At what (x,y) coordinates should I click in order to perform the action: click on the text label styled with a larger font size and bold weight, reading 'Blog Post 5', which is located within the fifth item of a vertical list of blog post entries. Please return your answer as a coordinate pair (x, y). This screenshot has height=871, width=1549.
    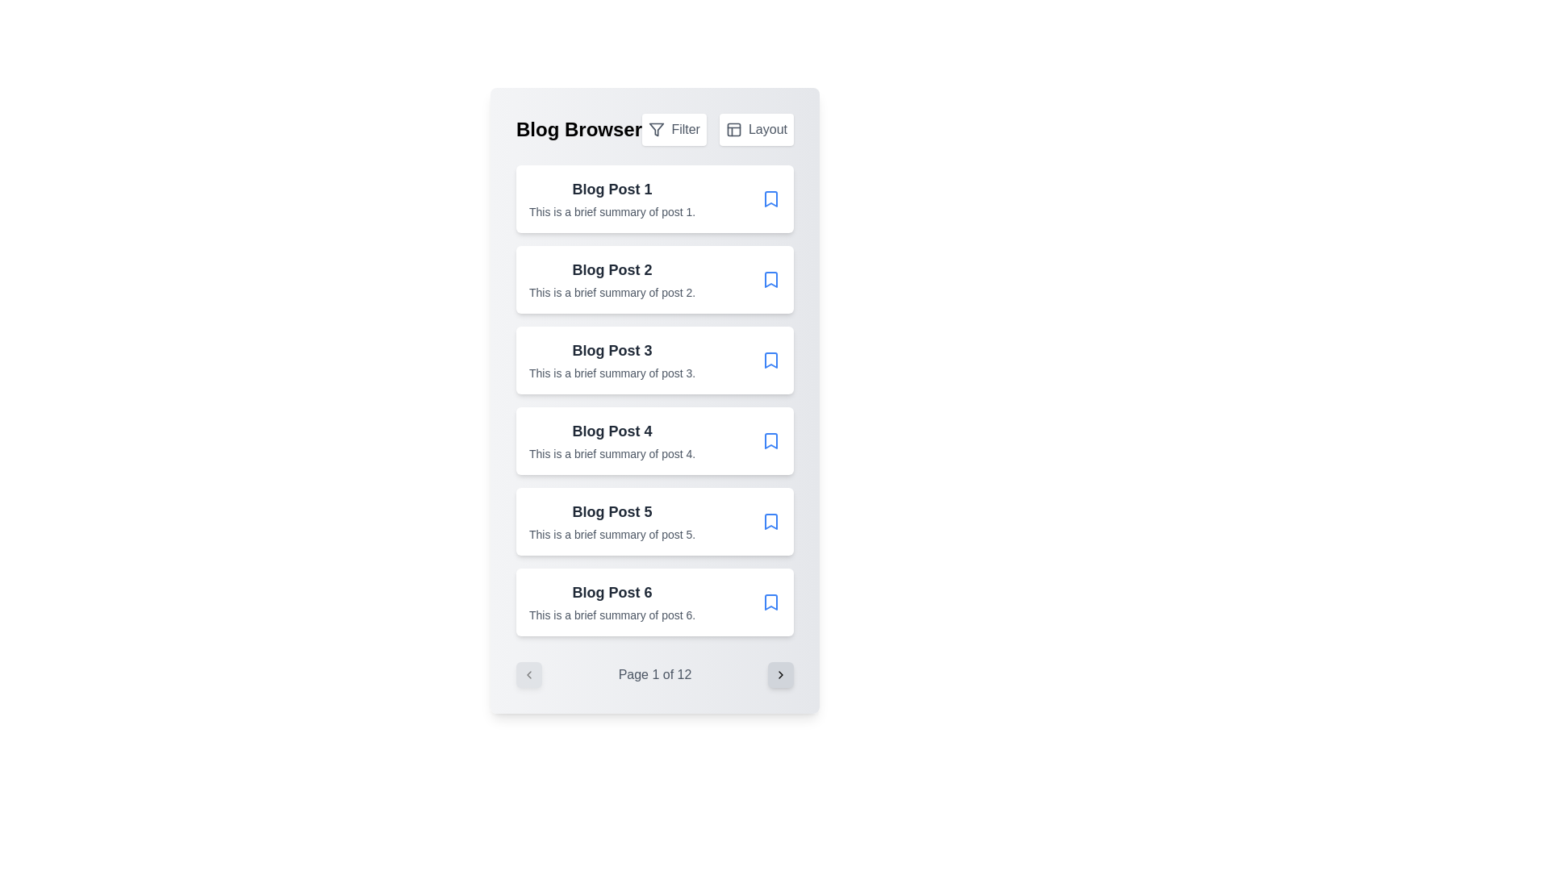
    Looking at the image, I should click on (612, 512).